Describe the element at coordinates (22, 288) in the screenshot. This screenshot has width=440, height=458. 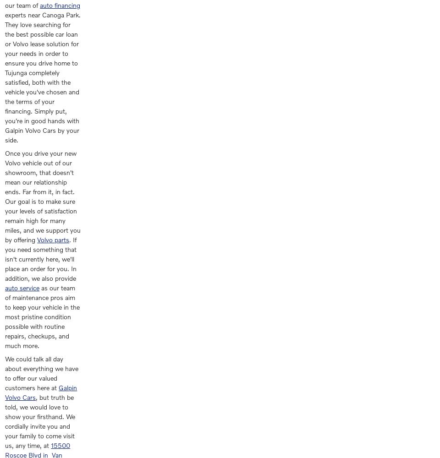
I see `'auto service'` at that location.